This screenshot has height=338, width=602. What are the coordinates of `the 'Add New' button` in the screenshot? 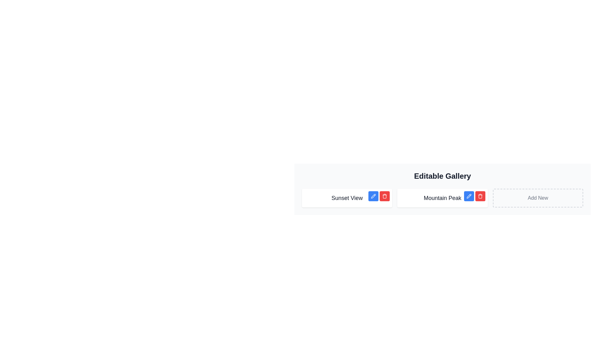 It's located at (537, 198).